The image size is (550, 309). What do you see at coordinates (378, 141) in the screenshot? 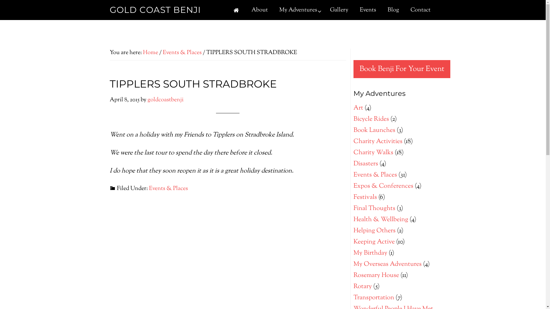
I see `'Charity Activities'` at bounding box center [378, 141].